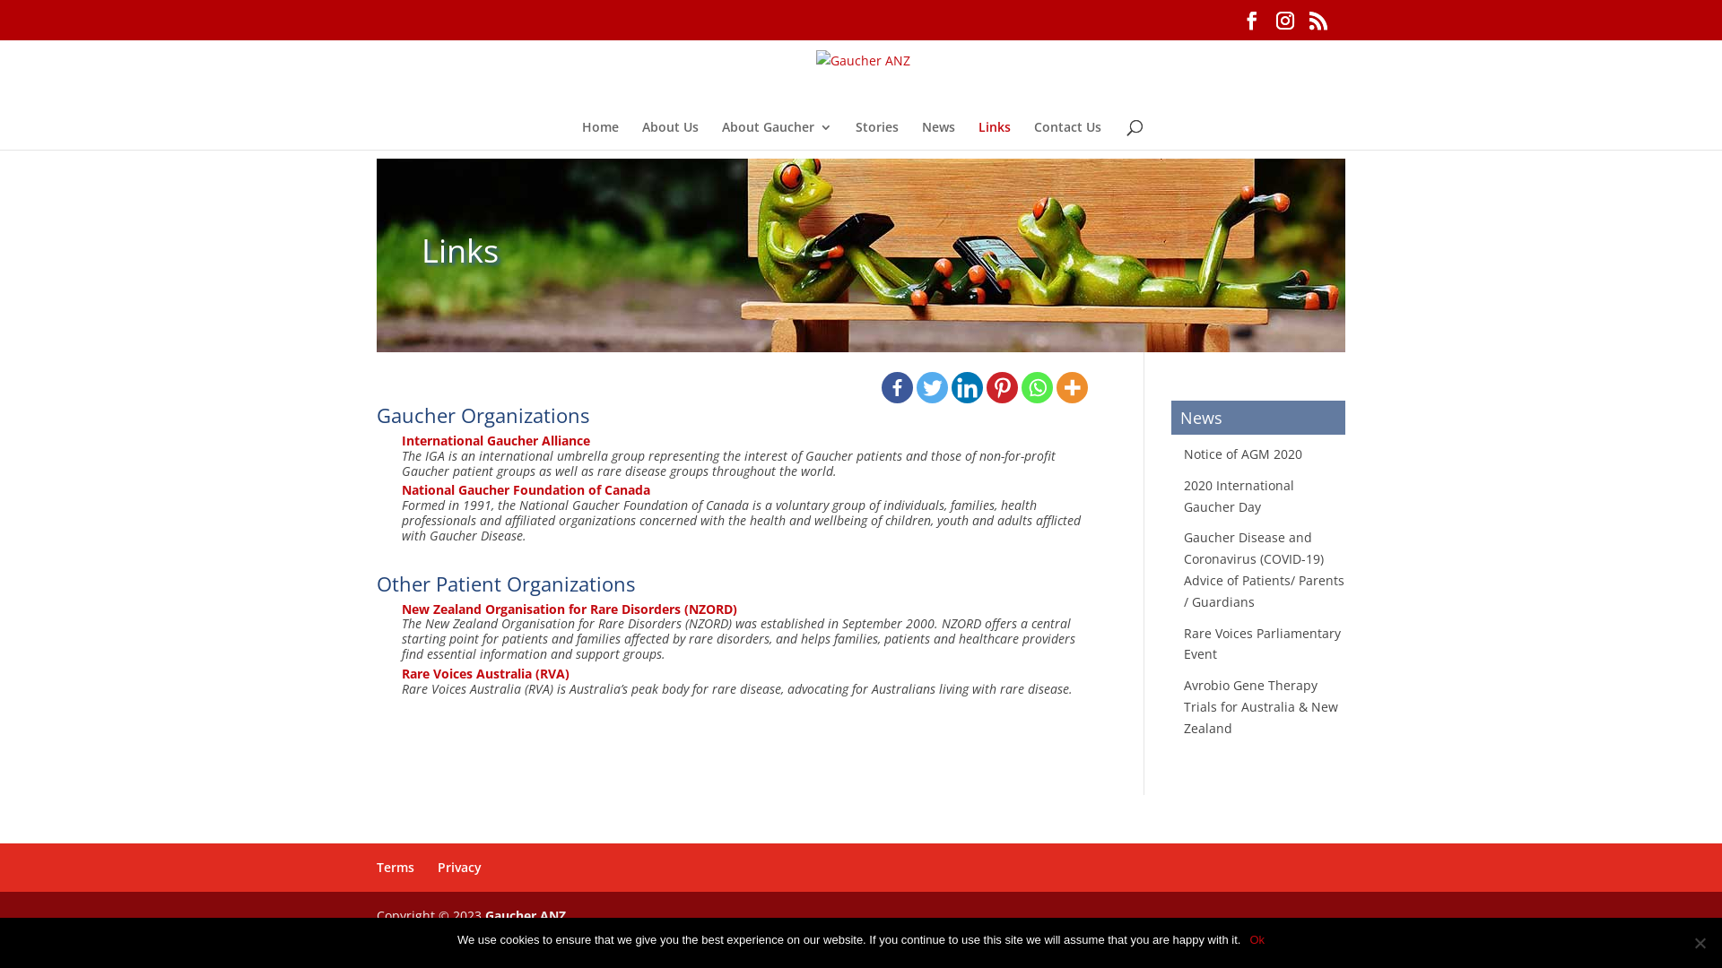 Image resolution: width=1722 pixels, height=968 pixels. I want to click on 'Rare Voices Australia (RVA)', so click(485, 673).